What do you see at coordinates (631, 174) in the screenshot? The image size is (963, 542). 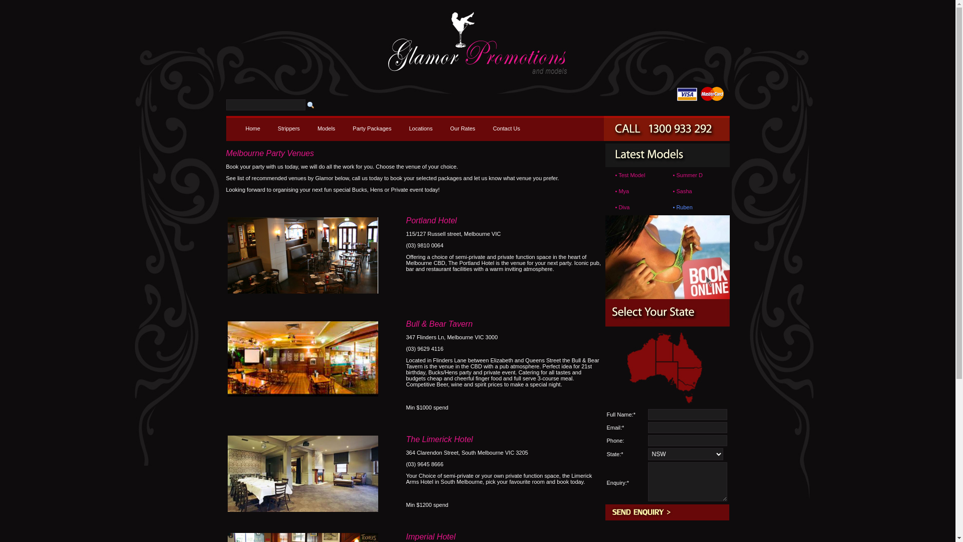 I see `'Test Model'` at bounding box center [631, 174].